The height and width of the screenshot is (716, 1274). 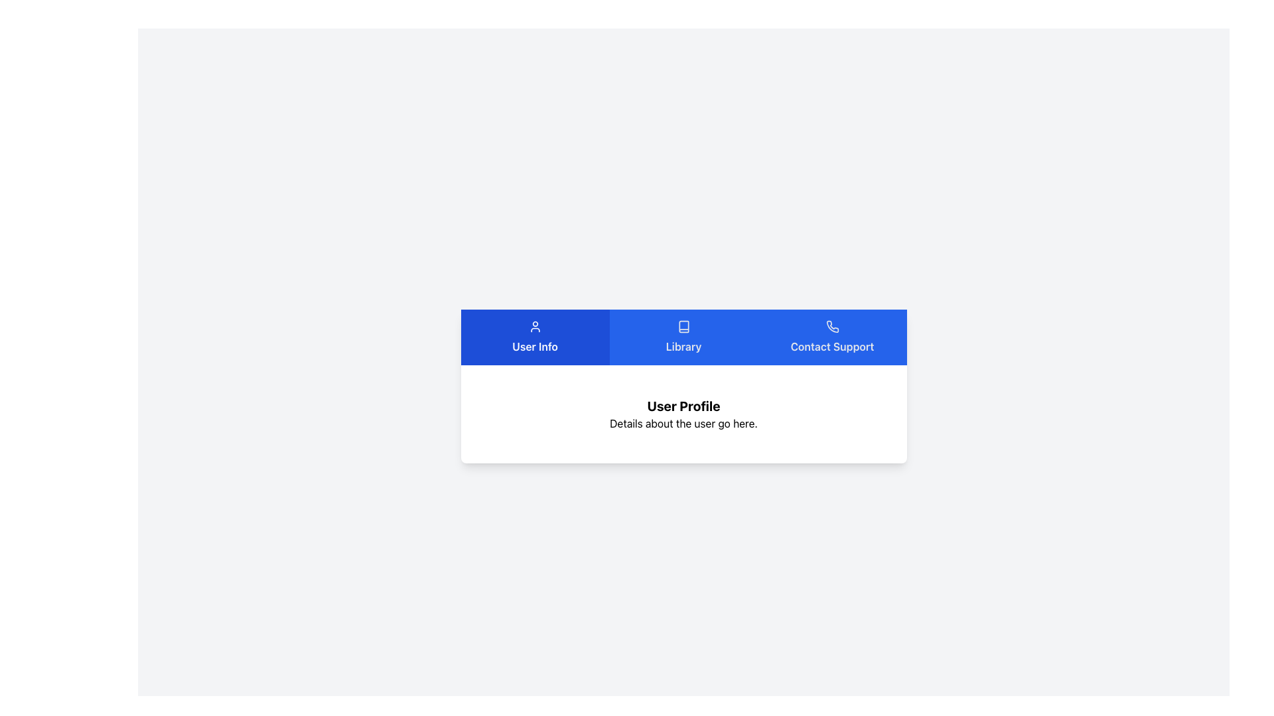 I want to click on the Navigation button located centrally in the horizontal navigation bar, so click(x=683, y=337).